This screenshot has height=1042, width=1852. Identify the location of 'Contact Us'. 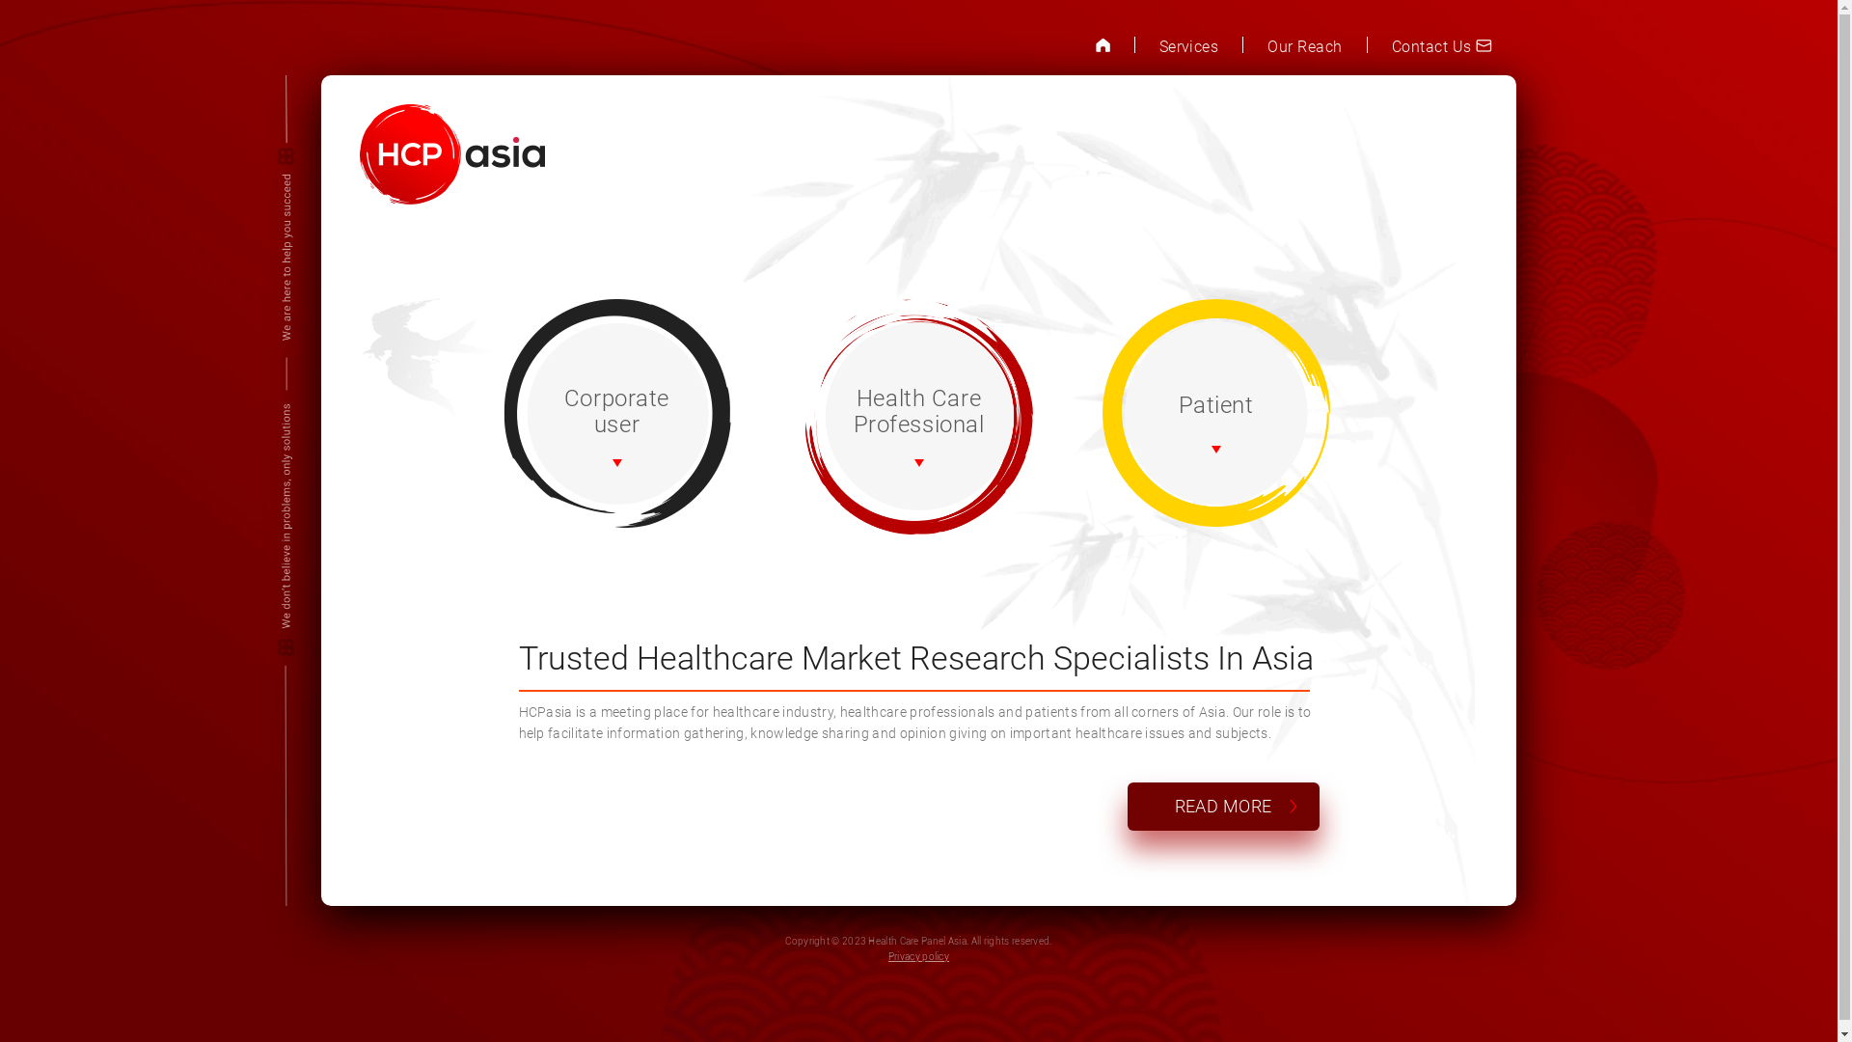
(1441, 45).